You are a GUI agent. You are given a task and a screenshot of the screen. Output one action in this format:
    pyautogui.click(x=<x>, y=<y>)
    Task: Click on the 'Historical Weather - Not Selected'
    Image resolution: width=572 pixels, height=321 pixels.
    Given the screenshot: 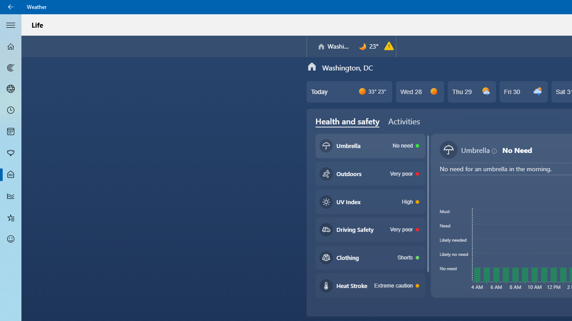 What is the action you would take?
    pyautogui.click(x=11, y=195)
    